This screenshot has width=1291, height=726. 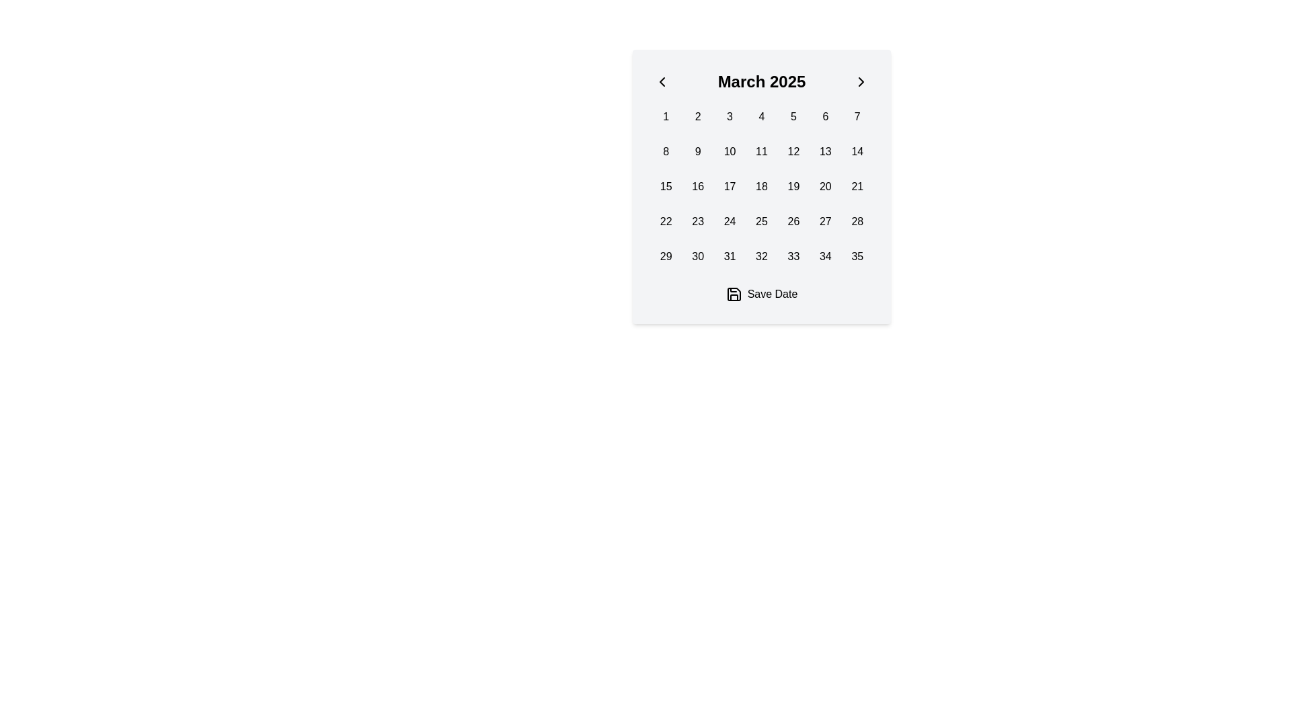 What do you see at coordinates (729, 186) in the screenshot?
I see `the small rectangular button displaying the text '17', which is located in the third row and third column of the calendar grid layout` at bounding box center [729, 186].